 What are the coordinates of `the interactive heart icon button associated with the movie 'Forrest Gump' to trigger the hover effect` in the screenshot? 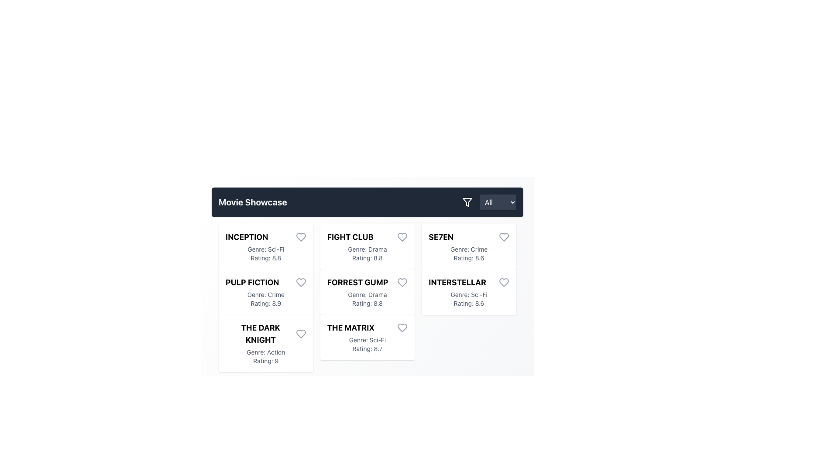 It's located at (402, 283).